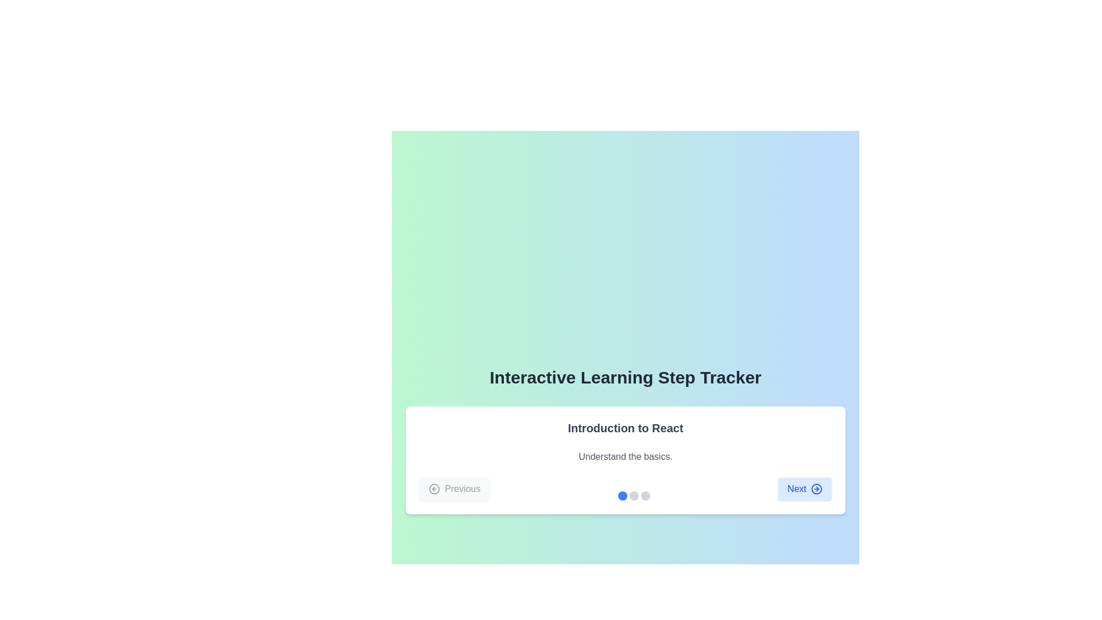 Image resolution: width=1102 pixels, height=620 pixels. I want to click on the third circular stepper indicator in the 'Interactive Learning Step Tracker' section, which has a light gray background and is positioned at the bottom center of the card-like section, so click(645, 495).